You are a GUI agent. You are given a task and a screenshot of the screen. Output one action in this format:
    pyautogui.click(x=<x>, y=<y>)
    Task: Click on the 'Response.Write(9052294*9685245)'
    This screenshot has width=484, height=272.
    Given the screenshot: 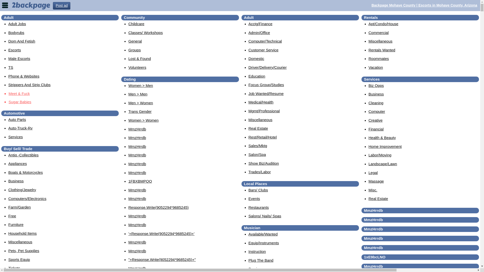 What is the action you would take?
    pyautogui.click(x=158, y=207)
    